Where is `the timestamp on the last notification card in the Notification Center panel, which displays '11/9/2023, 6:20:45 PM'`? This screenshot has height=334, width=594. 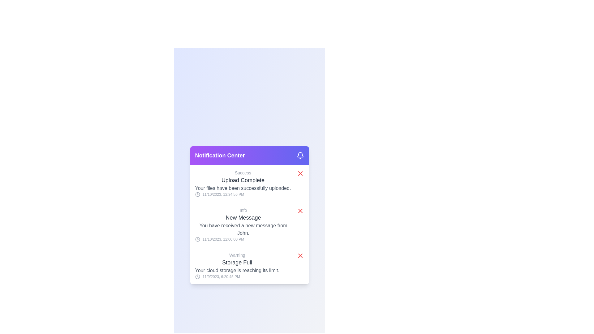 the timestamp on the last notification card in the Notification Center panel, which displays '11/9/2023, 6:20:45 PM' is located at coordinates (237, 265).